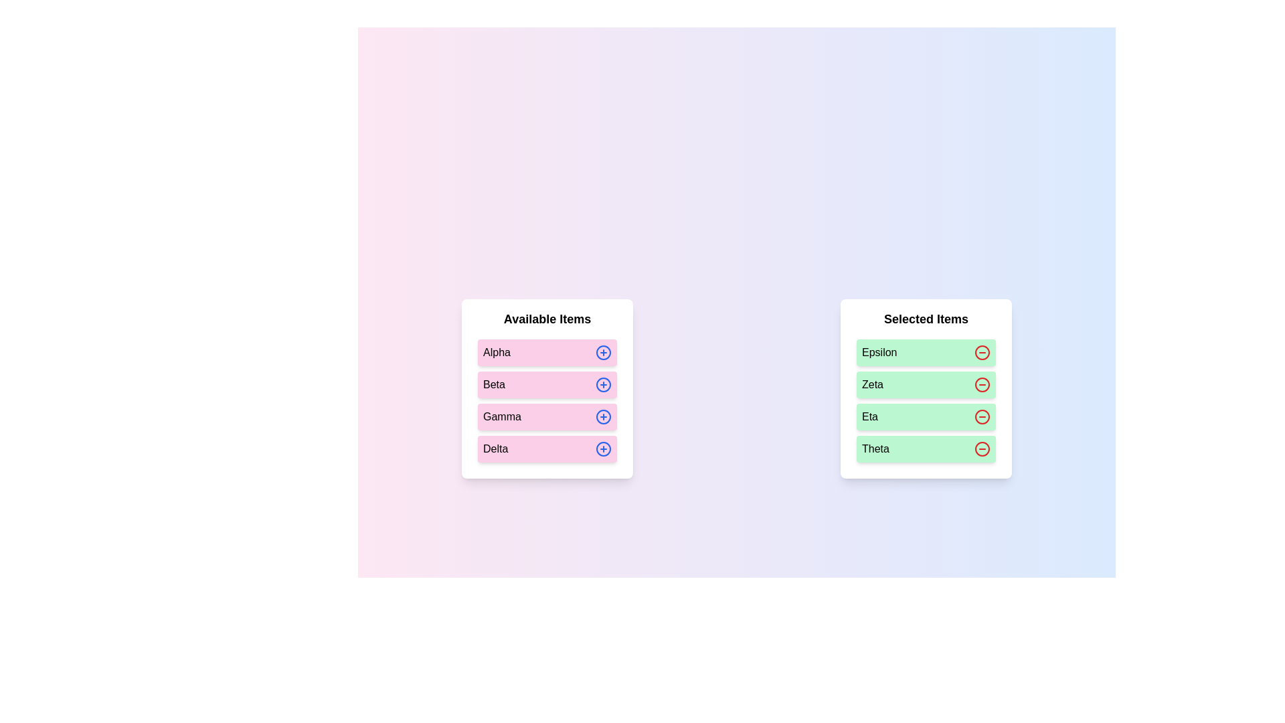 The height and width of the screenshot is (723, 1285). I want to click on plus icon next to the item Gamma in the 'Available Items' list to move it to the 'Selected Items' list, so click(603, 416).